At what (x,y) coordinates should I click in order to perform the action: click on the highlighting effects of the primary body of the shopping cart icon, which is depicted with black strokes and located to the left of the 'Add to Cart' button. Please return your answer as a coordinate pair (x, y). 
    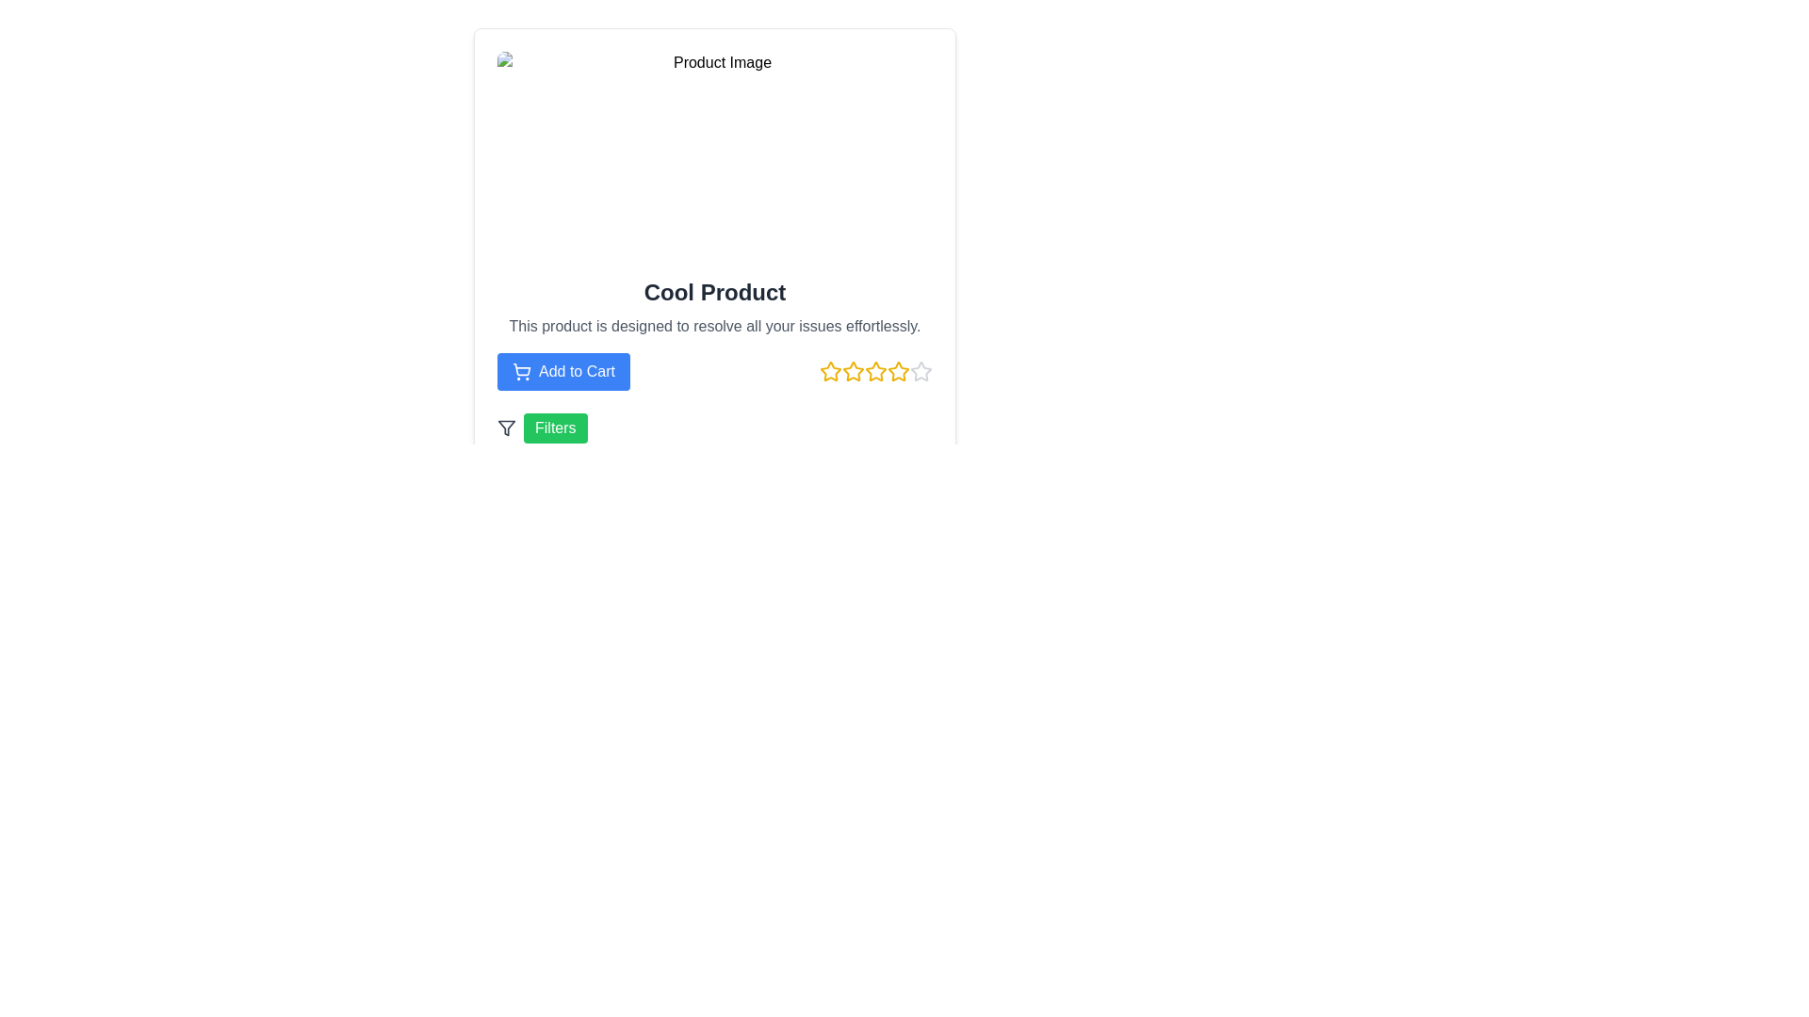
    Looking at the image, I should click on (522, 369).